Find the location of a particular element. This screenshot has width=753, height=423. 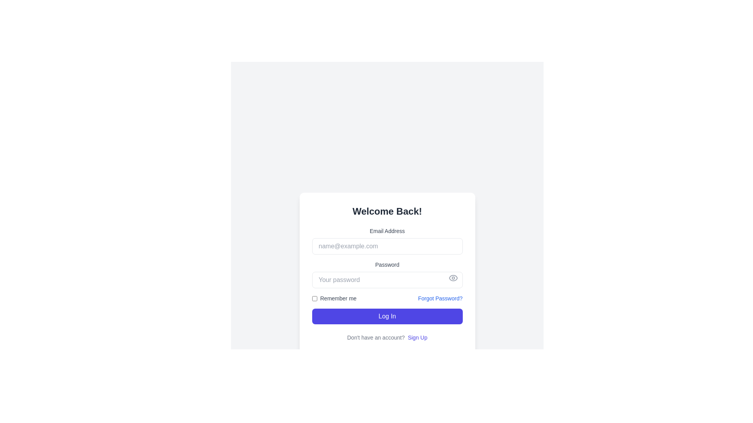

the hyperlink located near the bottom of the form, to the right of the text 'Don't have an account?' is located at coordinates (417, 337).